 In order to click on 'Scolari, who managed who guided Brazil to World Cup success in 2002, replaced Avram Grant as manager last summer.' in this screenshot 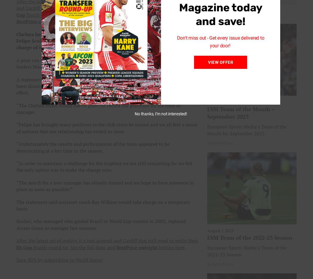, I will do `click(101, 224)`.